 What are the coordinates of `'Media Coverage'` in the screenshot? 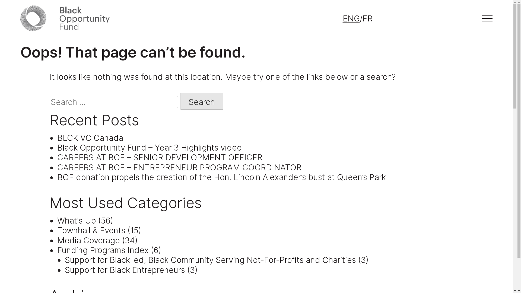 It's located at (88, 240).